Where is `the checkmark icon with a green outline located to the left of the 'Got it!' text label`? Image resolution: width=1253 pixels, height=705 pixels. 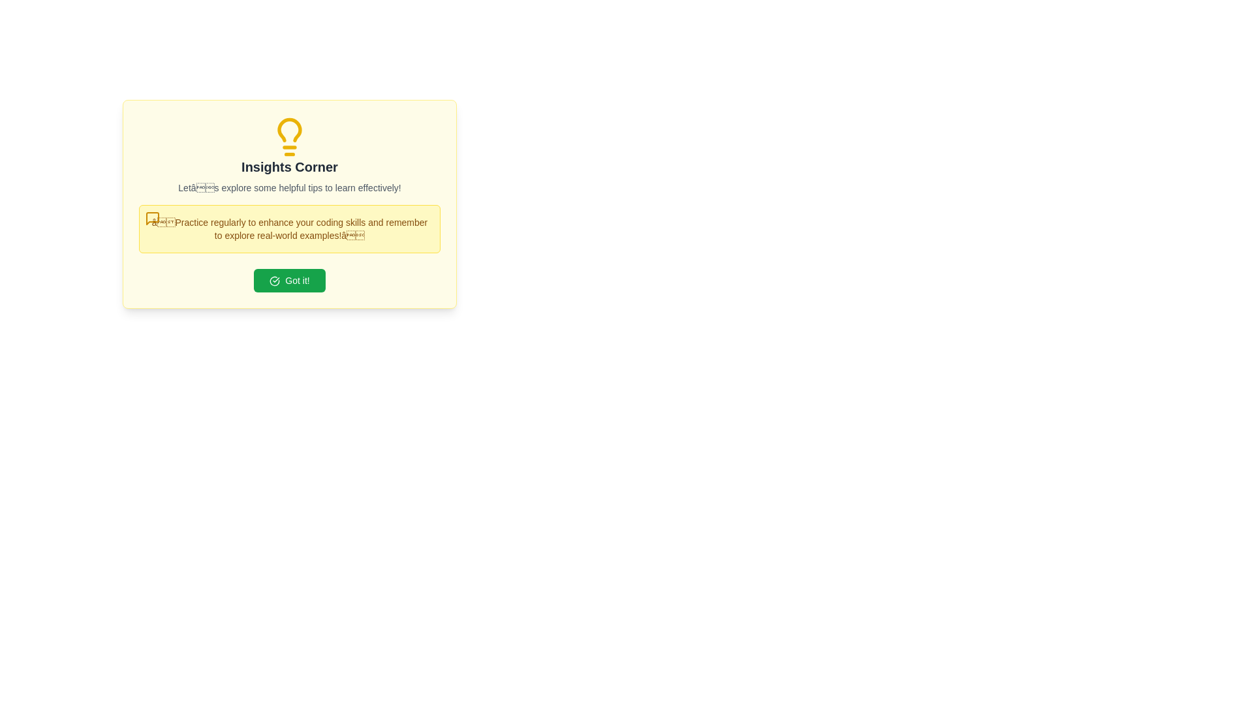 the checkmark icon with a green outline located to the left of the 'Got it!' text label is located at coordinates (274, 281).